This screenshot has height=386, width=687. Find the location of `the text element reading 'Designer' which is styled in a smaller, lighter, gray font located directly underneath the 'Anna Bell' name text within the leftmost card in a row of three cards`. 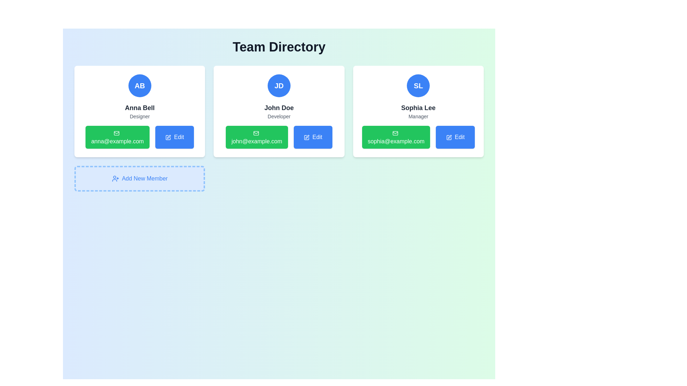

the text element reading 'Designer' which is styled in a smaller, lighter, gray font located directly underneath the 'Anna Bell' name text within the leftmost card in a row of three cards is located at coordinates (140, 116).